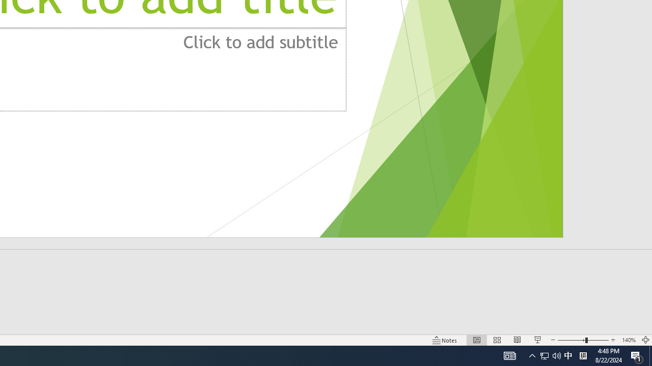  What do you see at coordinates (613, 340) in the screenshot?
I see `'Zoom In'` at bounding box center [613, 340].